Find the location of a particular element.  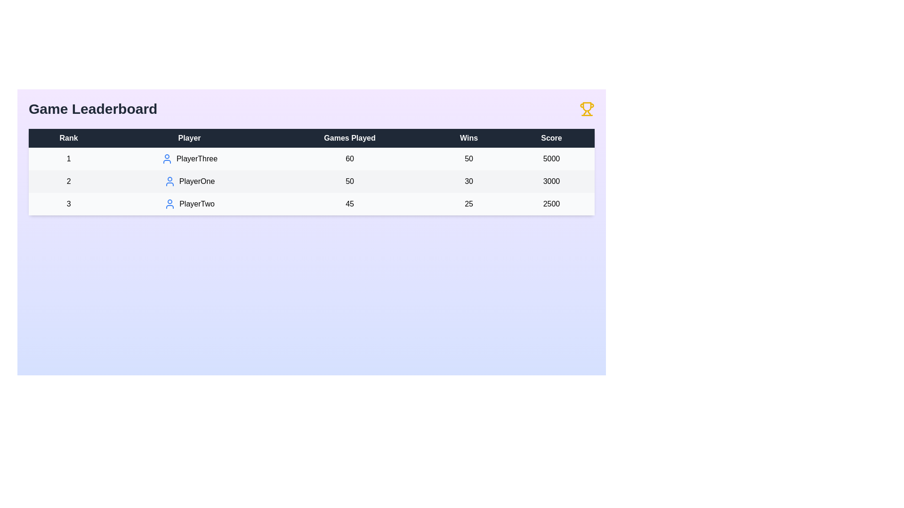

the Text label displaying the win count for the player in the leaderboard, located in the third row under the 'Wins' column, between '45' and '2500' is located at coordinates (469, 204).